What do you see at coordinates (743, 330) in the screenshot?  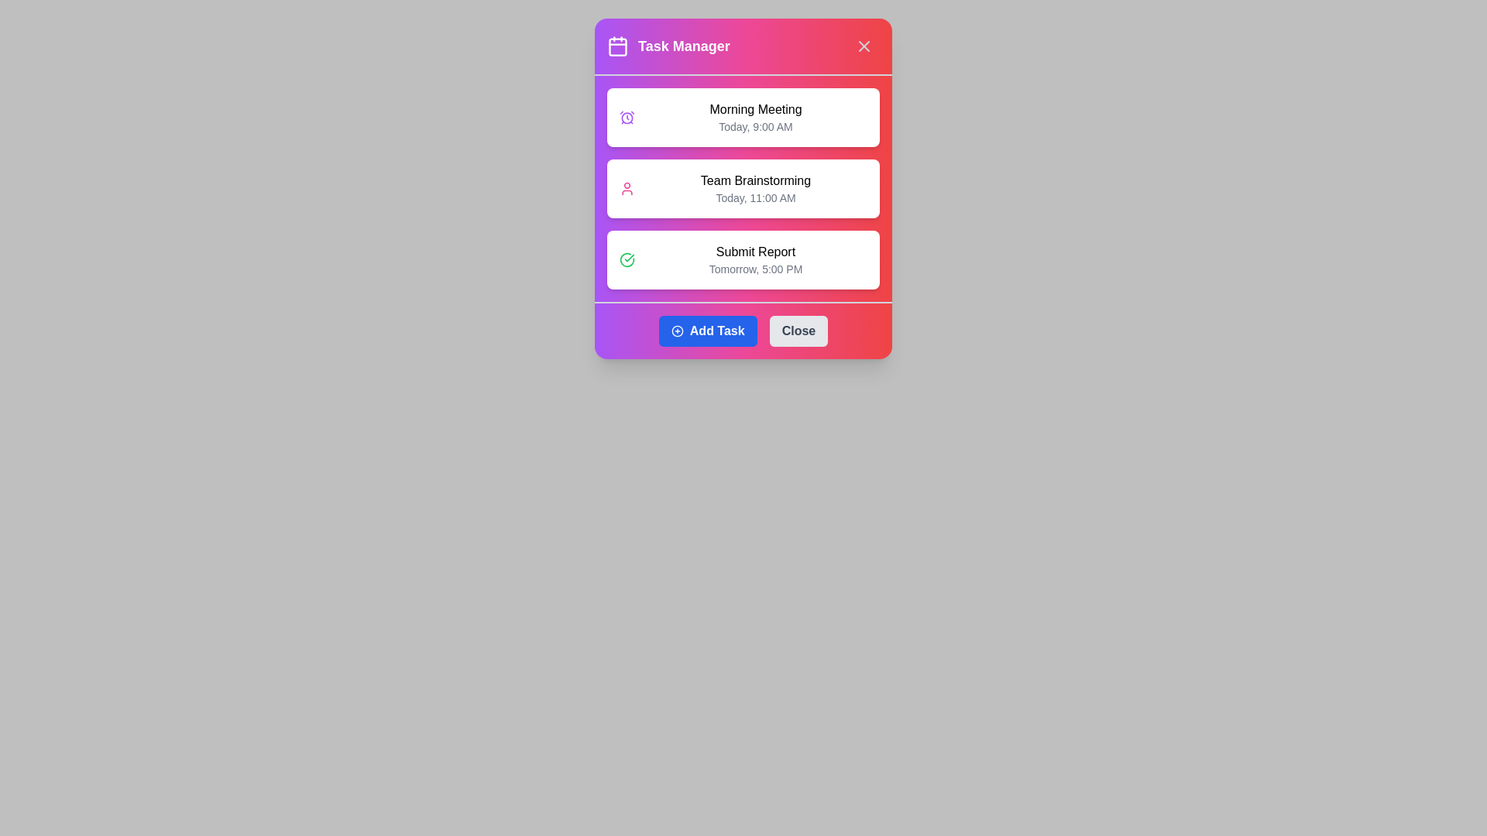 I see `the 'Add Task' button located in the bottom menu panel, which is the first button aligned to the left of the 'Close' button` at bounding box center [743, 330].